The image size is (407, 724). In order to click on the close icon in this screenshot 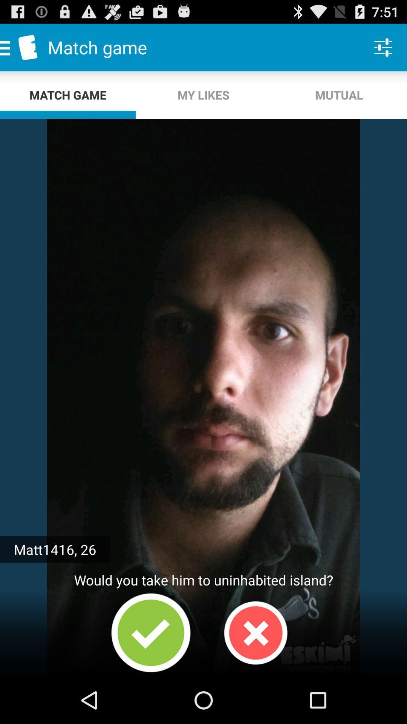, I will do `click(255, 677)`.